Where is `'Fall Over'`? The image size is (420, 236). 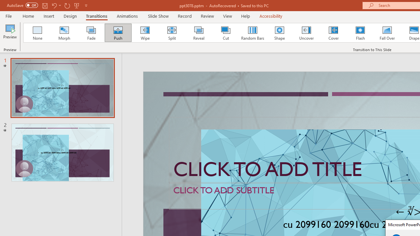
'Fall Over' is located at coordinates (387, 33).